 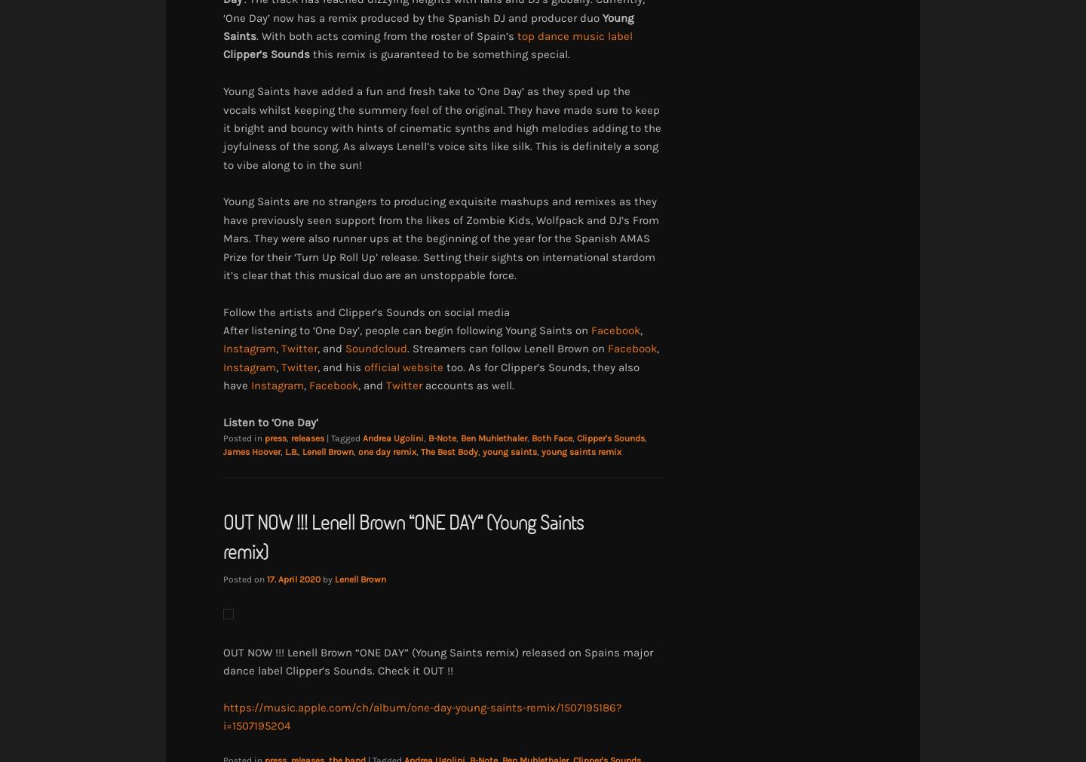 What do you see at coordinates (392, 437) in the screenshot?
I see `'Andrea Ugolini'` at bounding box center [392, 437].